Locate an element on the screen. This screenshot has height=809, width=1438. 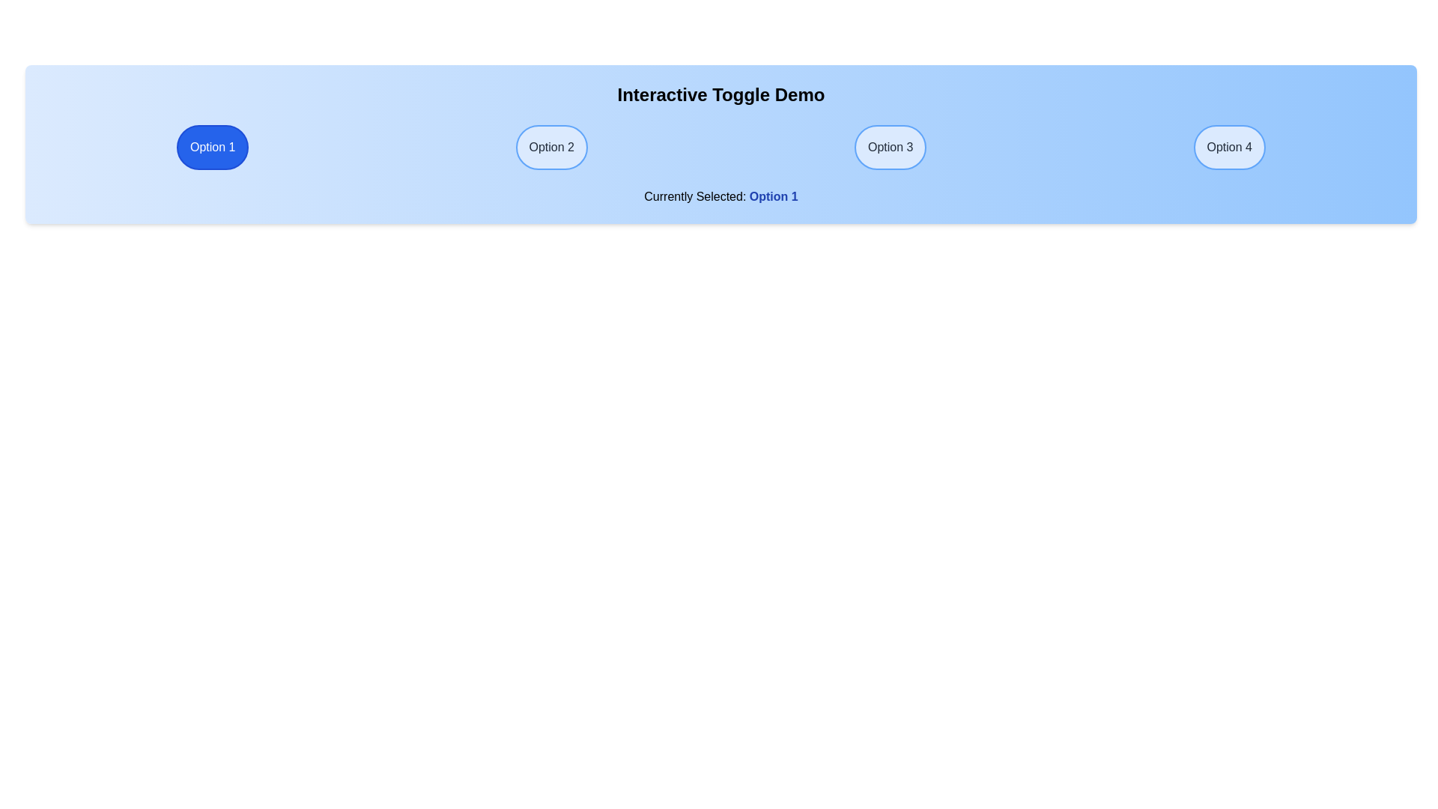
the option Option 3 to select it is located at coordinates (891, 147).